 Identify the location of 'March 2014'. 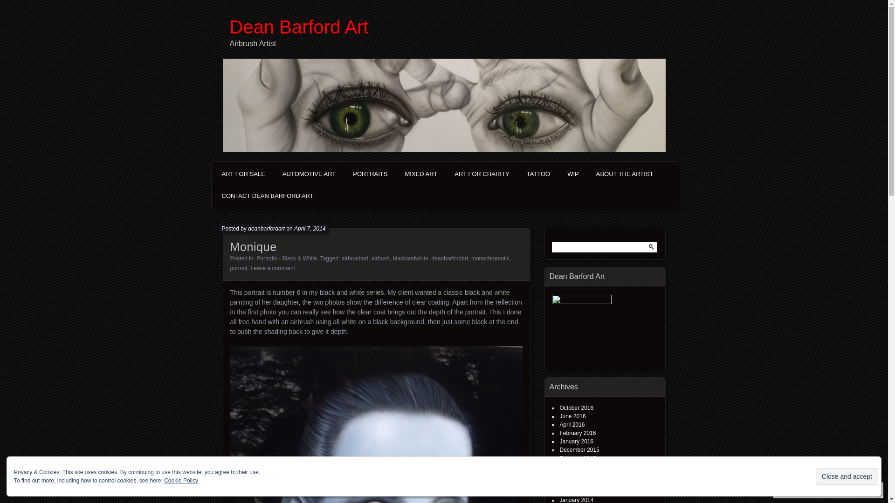
(573, 483).